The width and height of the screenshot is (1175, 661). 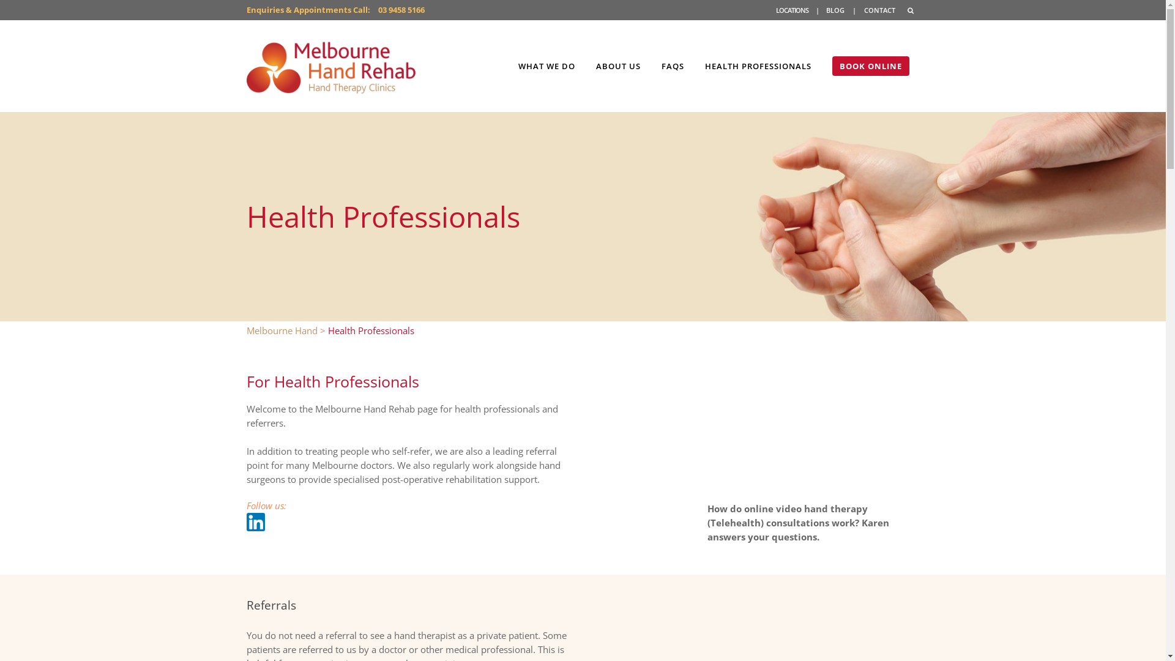 What do you see at coordinates (546, 66) in the screenshot?
I see `'WHAT WE DO'` at bounding box center [546, 66].